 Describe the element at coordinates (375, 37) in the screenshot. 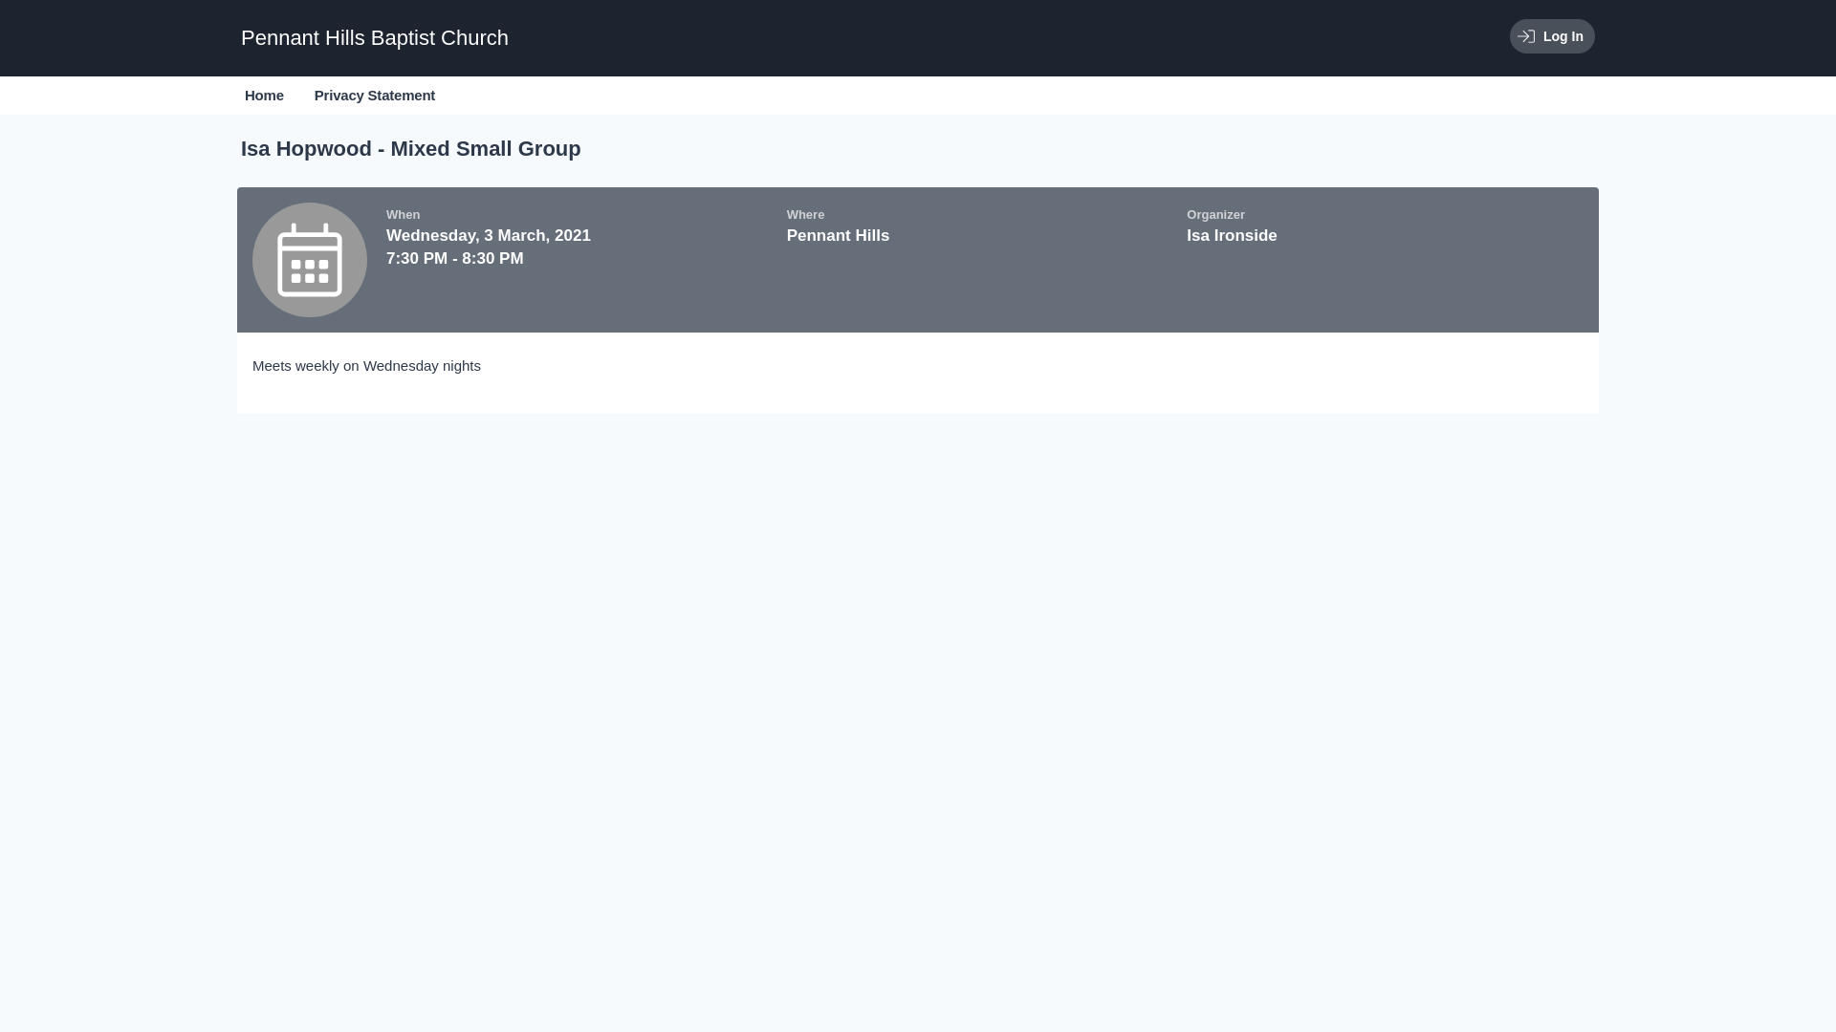

I see `'Pennant Hills Baptist Church'` at that location.